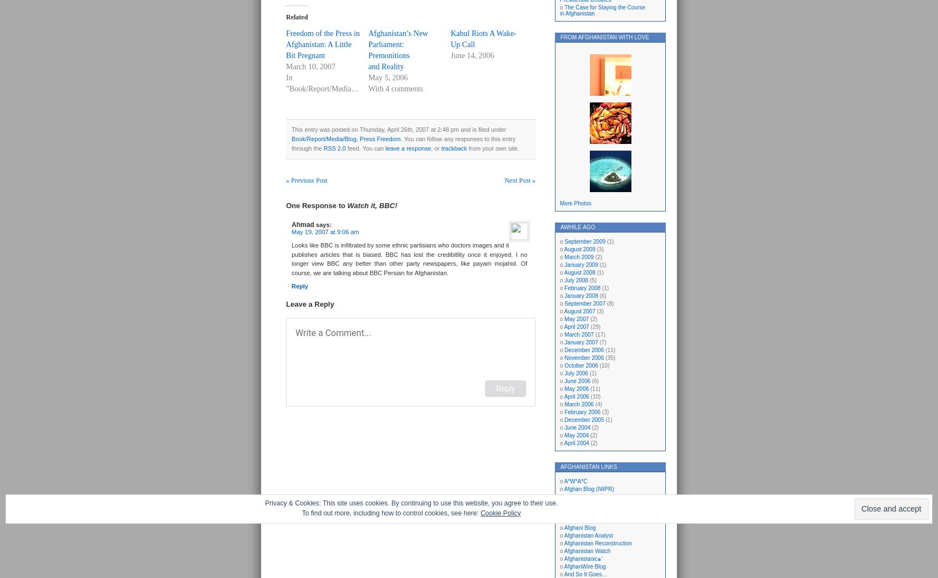  I want to click on 'Afghan Lord', so click(563, 504).